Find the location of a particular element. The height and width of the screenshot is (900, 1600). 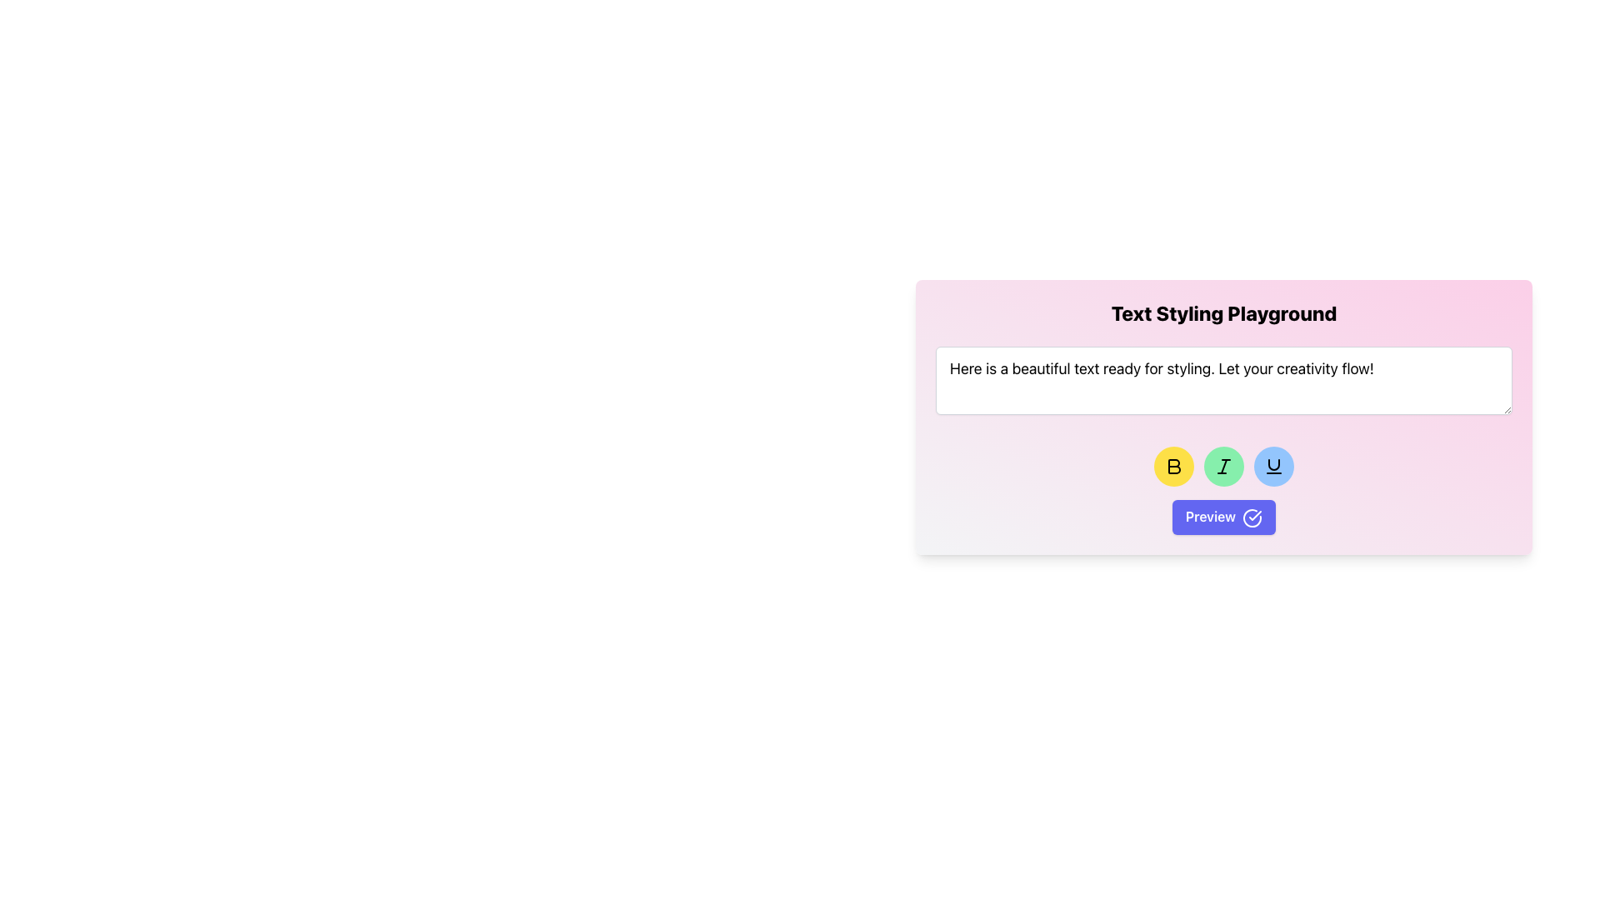

the bold styling Icon button located at the bottom-left area of the circular icons group to apply bold styling to the text in the editor is located at coordinates (1173, 466).